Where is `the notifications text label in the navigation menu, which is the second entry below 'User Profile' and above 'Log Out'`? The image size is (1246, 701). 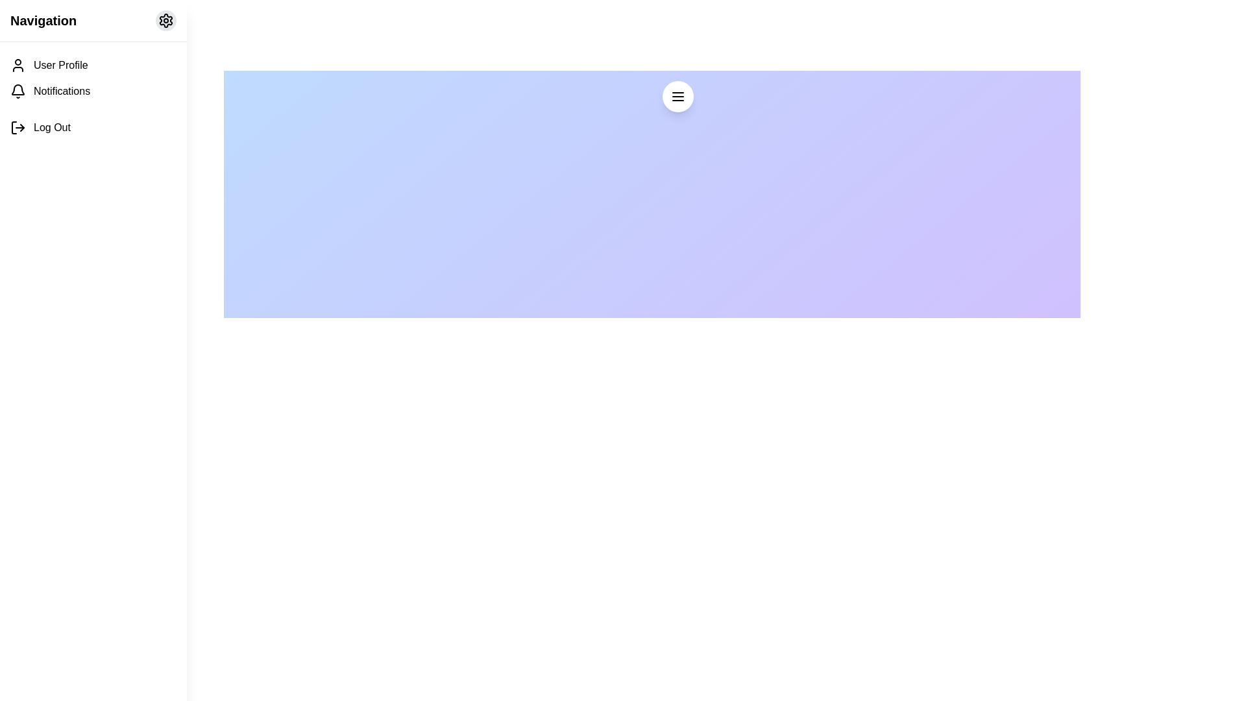 the notifications text label in the navigation menu, which is the second entry below 'User Profile' and above 'Log Out' is located at coordinates (61, 91).